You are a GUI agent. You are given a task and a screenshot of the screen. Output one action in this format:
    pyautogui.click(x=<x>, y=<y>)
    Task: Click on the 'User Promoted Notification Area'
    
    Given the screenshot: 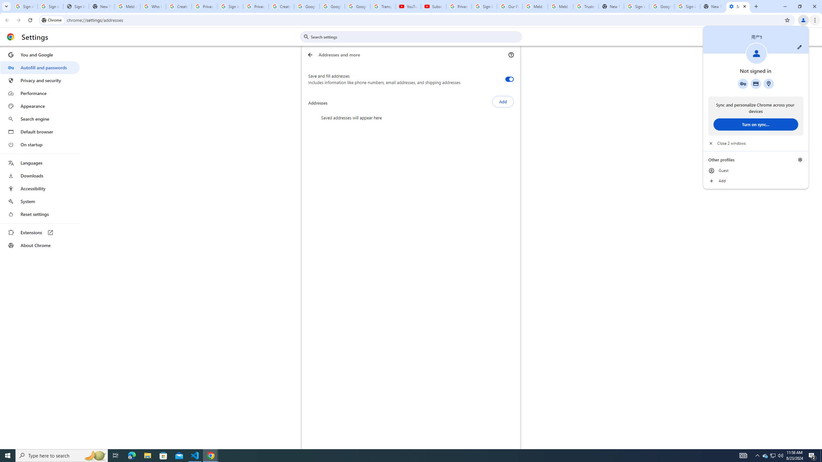 What is the action you would take?
    pyautogui.click(x=772, y=455)
    